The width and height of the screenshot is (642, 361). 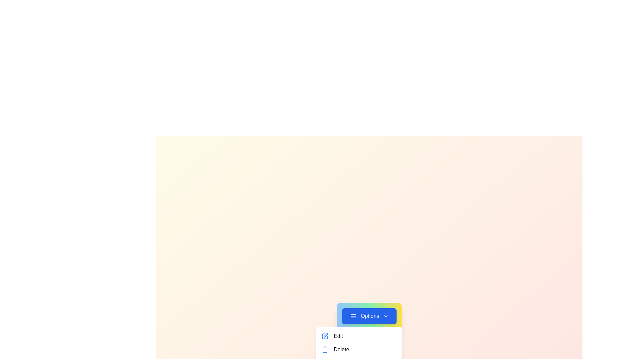 What do you see at coordinates (369, 316) in the screenshot?
I see `the 'Options' button to toggle the menu visibility` at bounding box center [369, 316].